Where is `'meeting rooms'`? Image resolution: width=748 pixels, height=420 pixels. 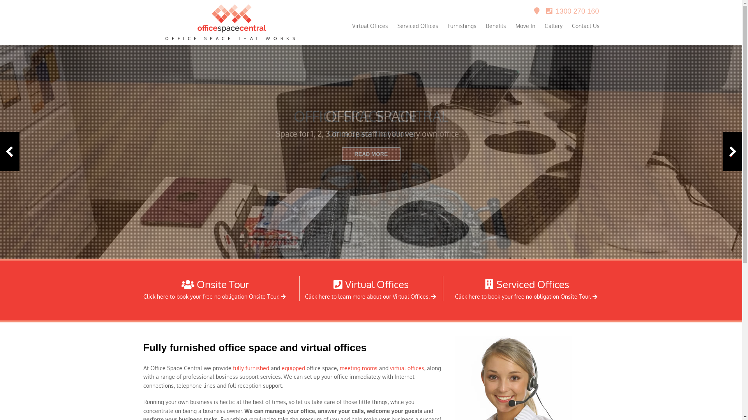
'meeting rooms' is located at coordinates (340, 367).